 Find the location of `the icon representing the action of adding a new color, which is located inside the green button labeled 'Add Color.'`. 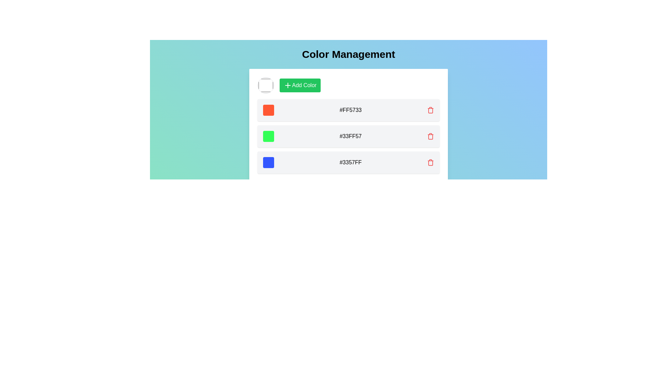

the icon representing the action of adding a new color, which is located inside the green button labeled 'Add Color.' is located at coordinates (288, 85).